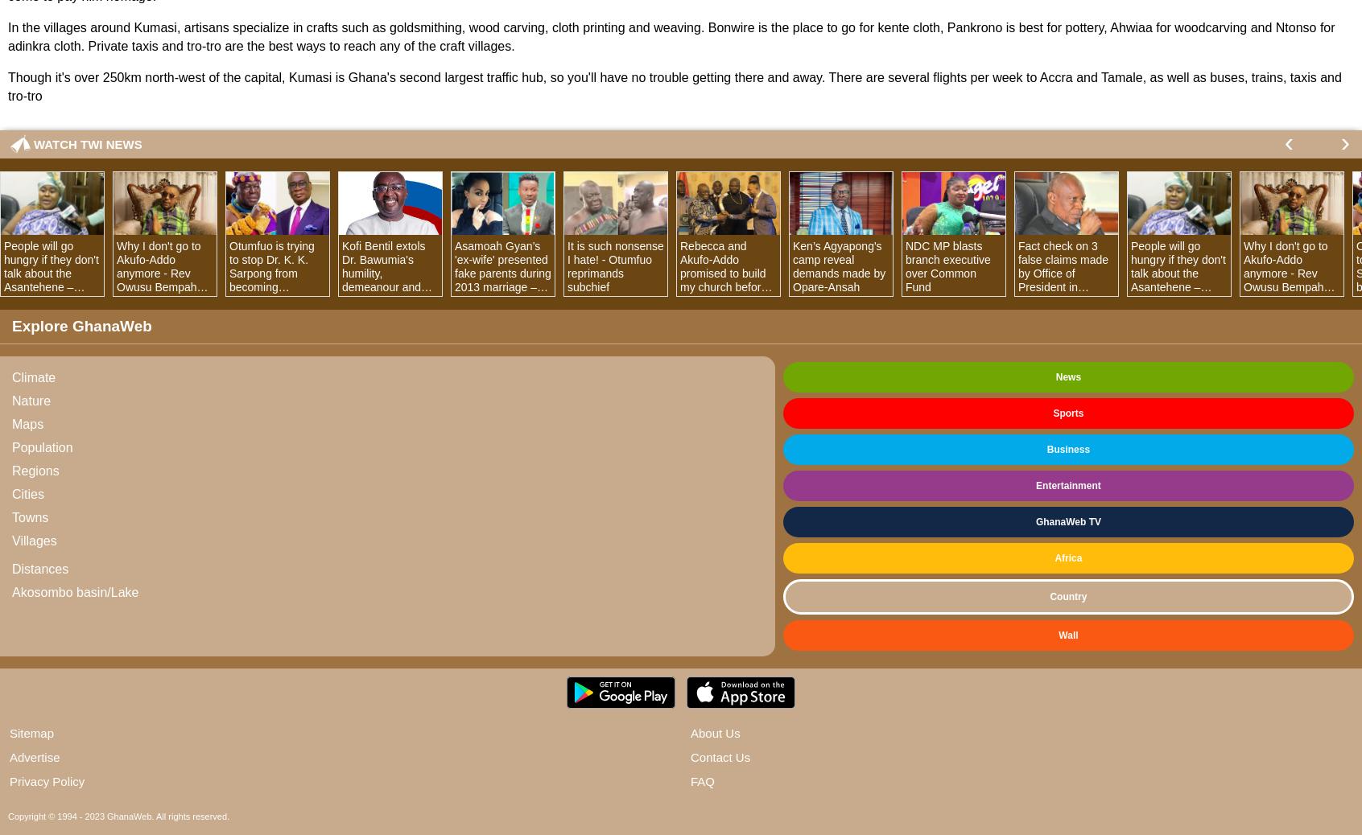 The image size is (1362, 835). I want to click on 'Maps', so click(27, 423).